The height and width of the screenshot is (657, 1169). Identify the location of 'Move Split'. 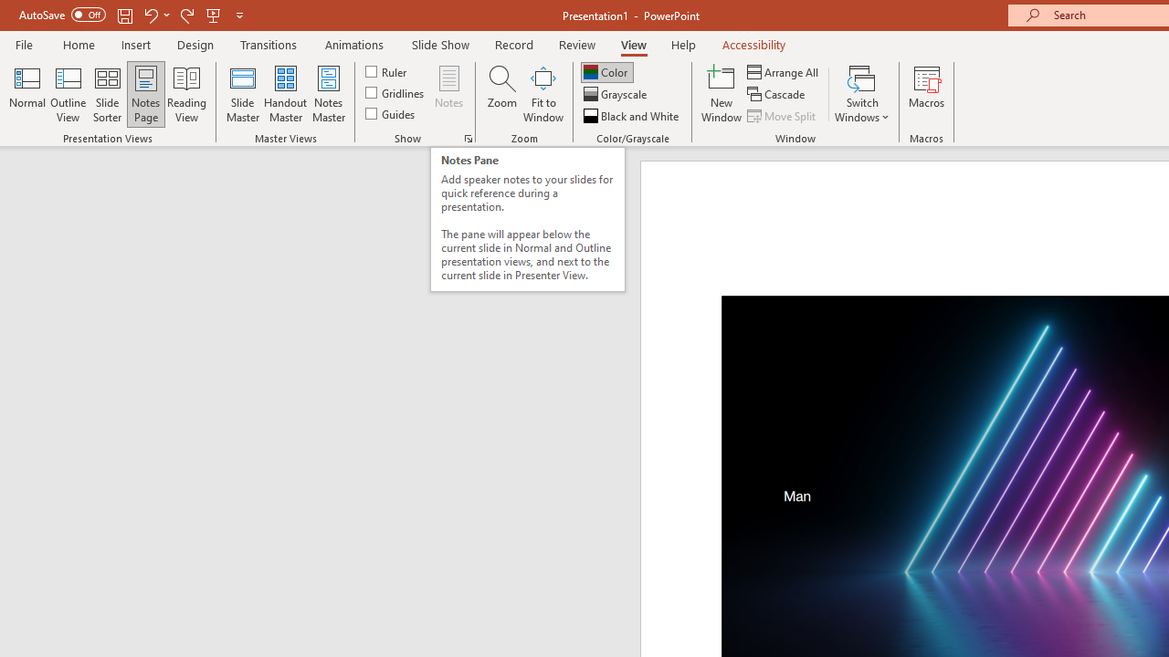
(783, 116).